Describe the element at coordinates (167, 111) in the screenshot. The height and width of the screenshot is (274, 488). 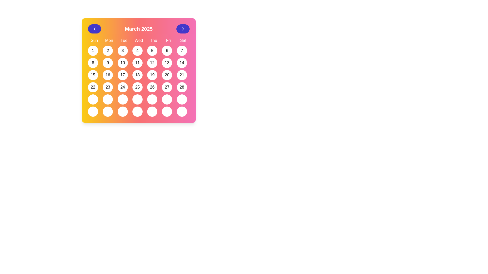
I see `the circular button with a white background and black border located in the seventh column and sixth row of the grid` at that location.